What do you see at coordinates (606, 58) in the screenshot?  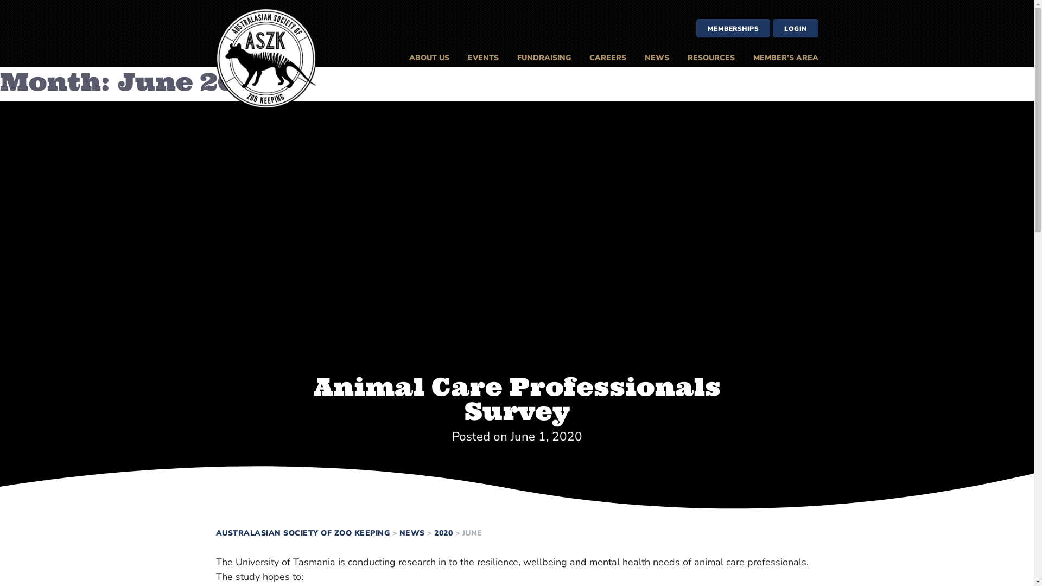 I see `'CAREERS'` at bounding box center [606, 58].